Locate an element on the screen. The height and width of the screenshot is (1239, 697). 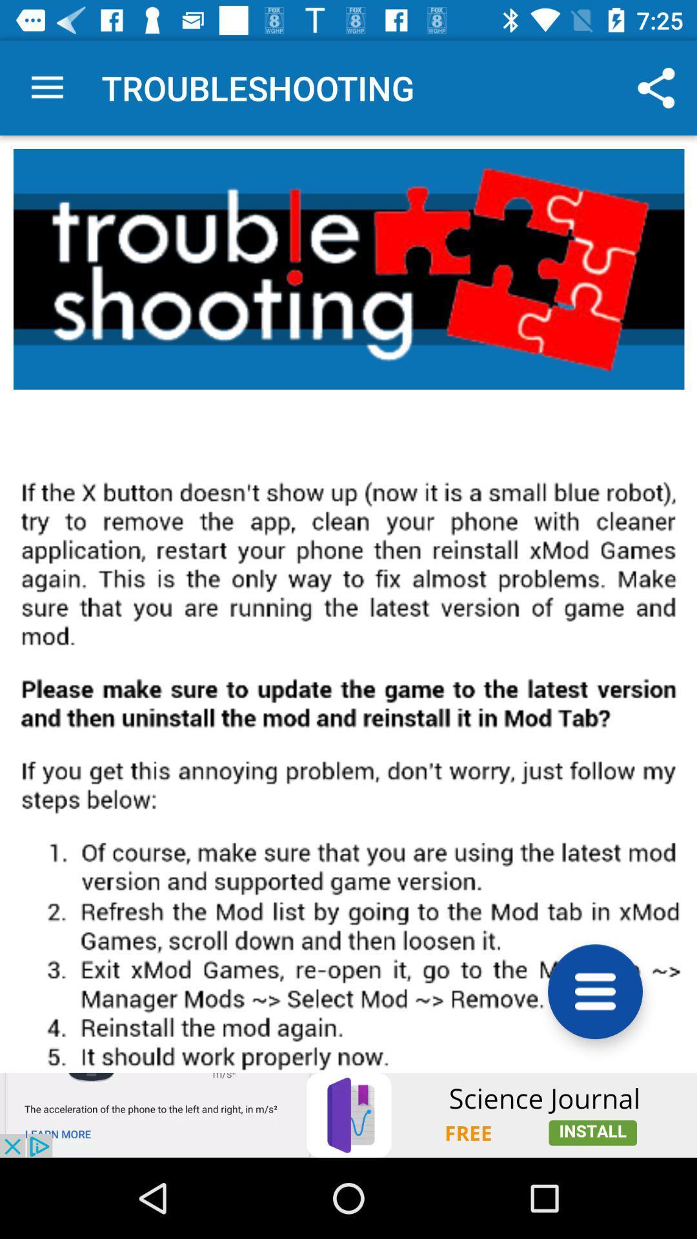
navigation menu is located at coordinates (595, 991).